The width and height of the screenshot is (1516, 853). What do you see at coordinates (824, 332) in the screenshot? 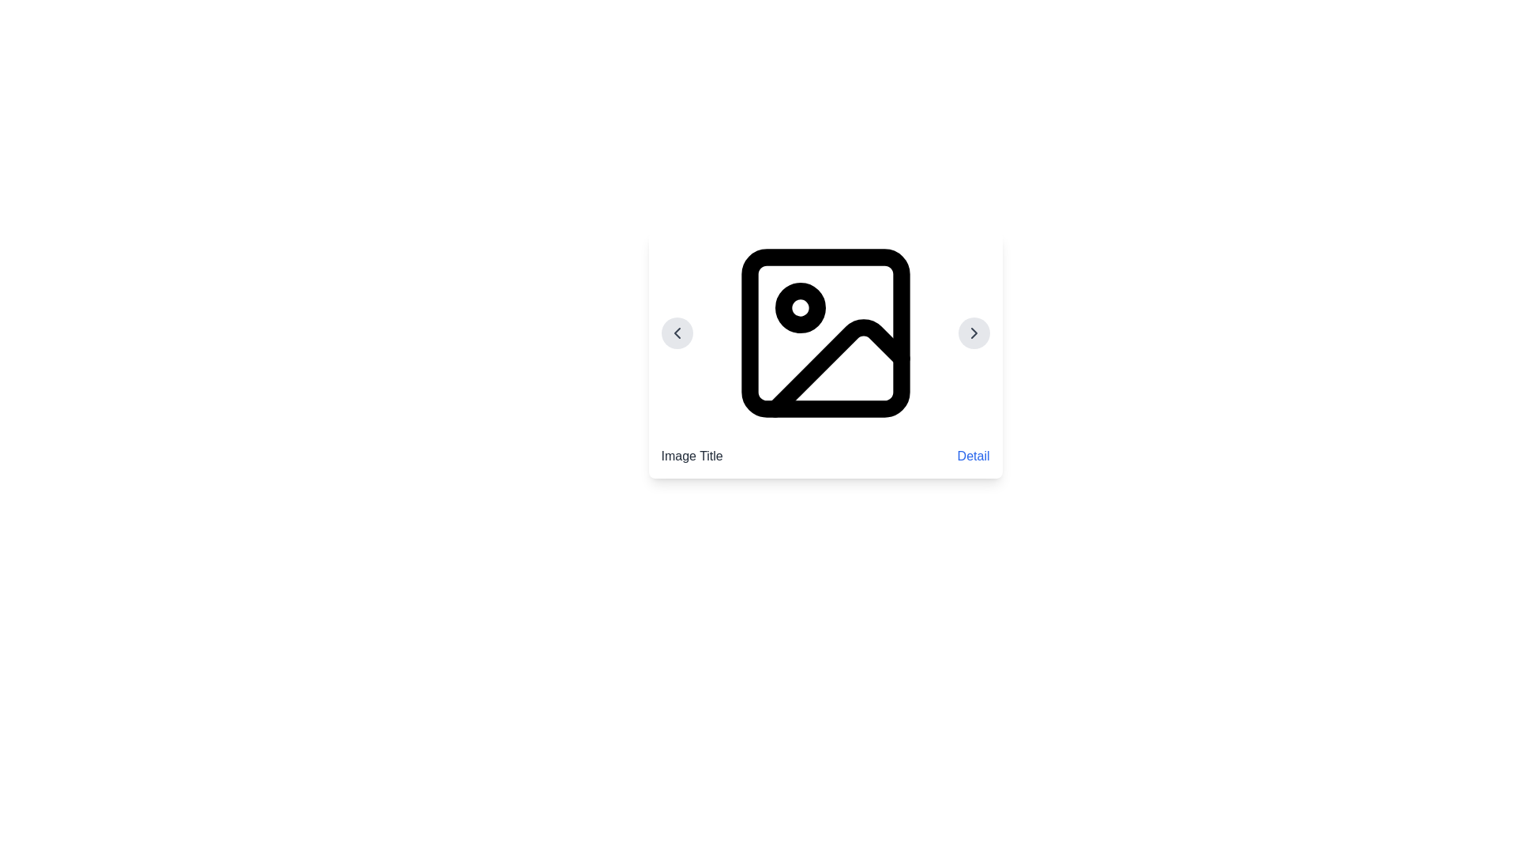
I see `the rounded rectangle with a black stroke in the SVG image representing a gallery item` at bounding box center [824, 332].